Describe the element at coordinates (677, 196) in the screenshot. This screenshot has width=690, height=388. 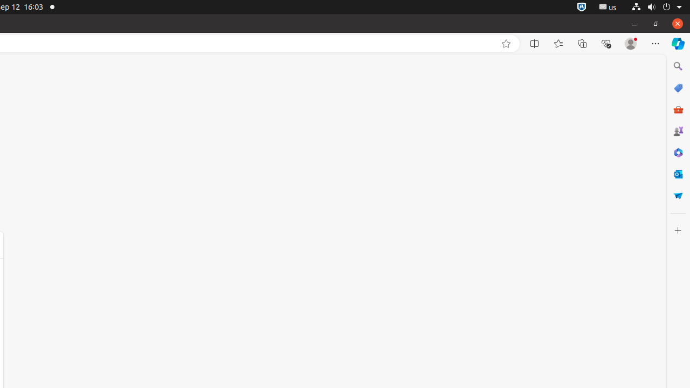
I see `'Drop'` at that location.